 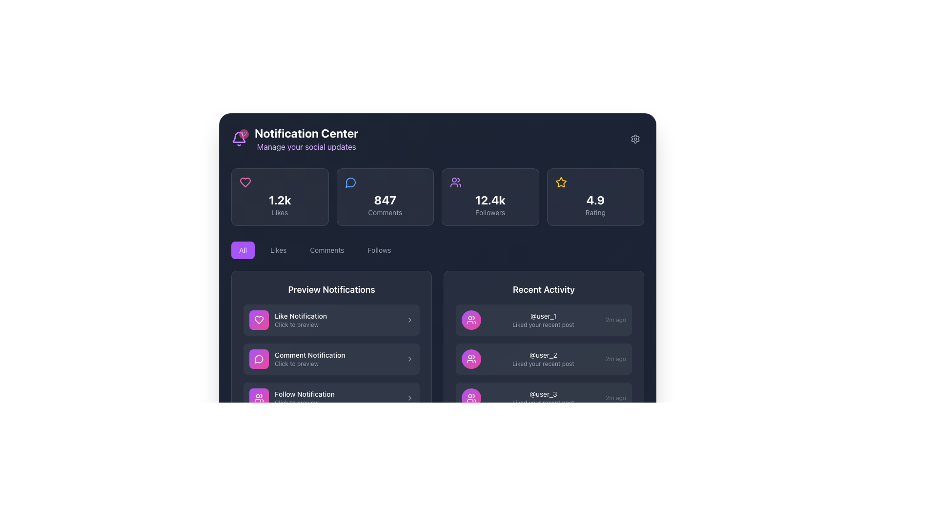 I want to click on the second visual grouping of notifications in the Interactive list preview component with the title 'Preview Notifications', so click(x=331, y=367).